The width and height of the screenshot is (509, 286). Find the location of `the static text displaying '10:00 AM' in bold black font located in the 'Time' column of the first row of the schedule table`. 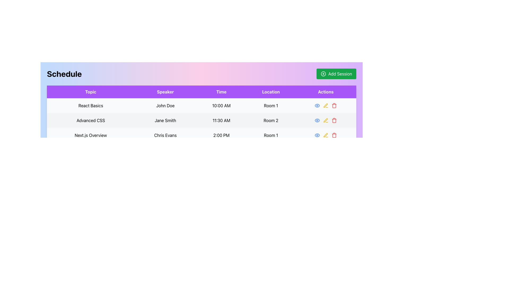

the static text displaying '10:00 AM' in bold black font located in the 'Time' column of the first row of the schedule table is located at coordinates (221, 105).